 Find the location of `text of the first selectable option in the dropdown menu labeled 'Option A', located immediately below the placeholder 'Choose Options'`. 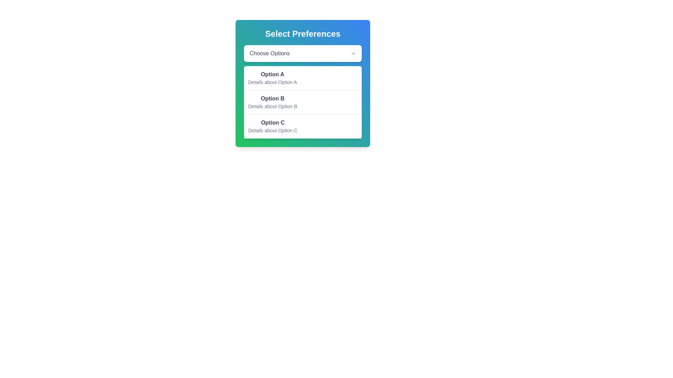

text of the first selectable option in the dropdown menu labeled 'Option A', located immediately below the placeholder 'Choose Options' is located at coordinates (272, 74).